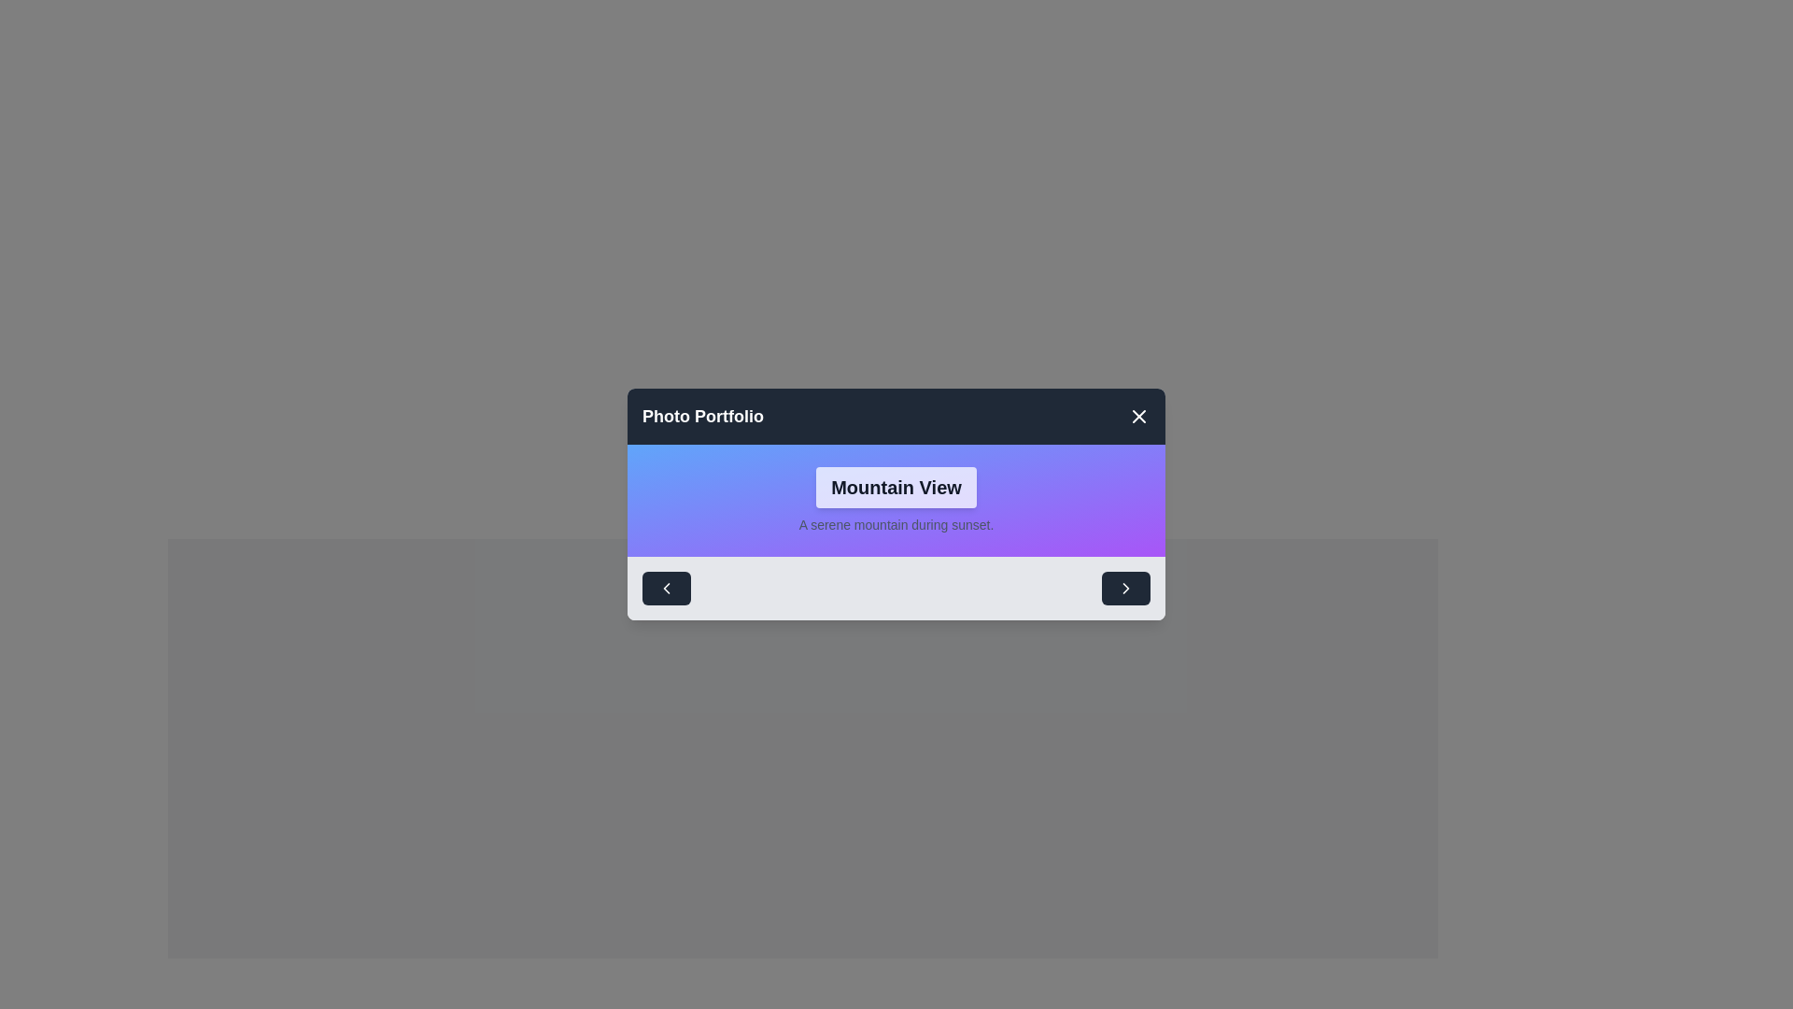 The width and height of the screenshot is (1793, 1009). What do you see at coordinates (702, 416) in the screenshot?
I see `the text label displaying the title or name of the section located at the top-left corner of the modal dialog box` at bounding box center [702, 416].